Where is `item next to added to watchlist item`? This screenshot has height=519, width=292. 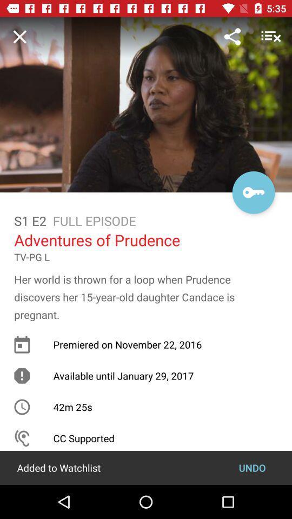
item next to added to watchlist item is located at coordinates (252, 467).